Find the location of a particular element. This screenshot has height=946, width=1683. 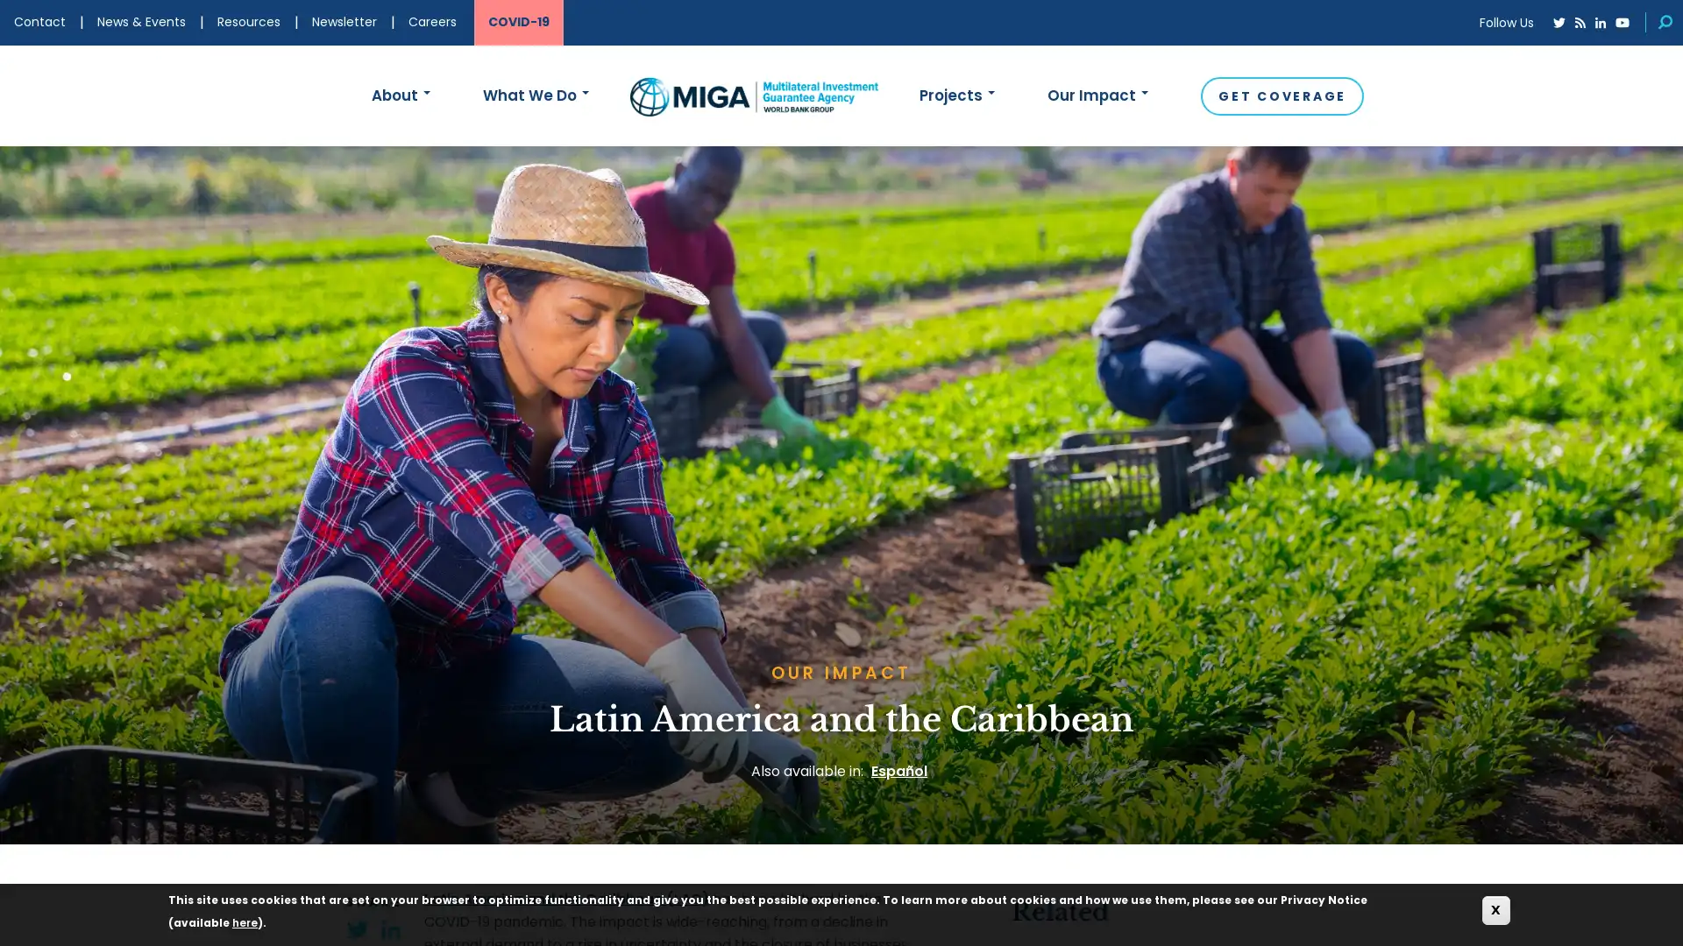

X is located at coordinates (1495, 909).